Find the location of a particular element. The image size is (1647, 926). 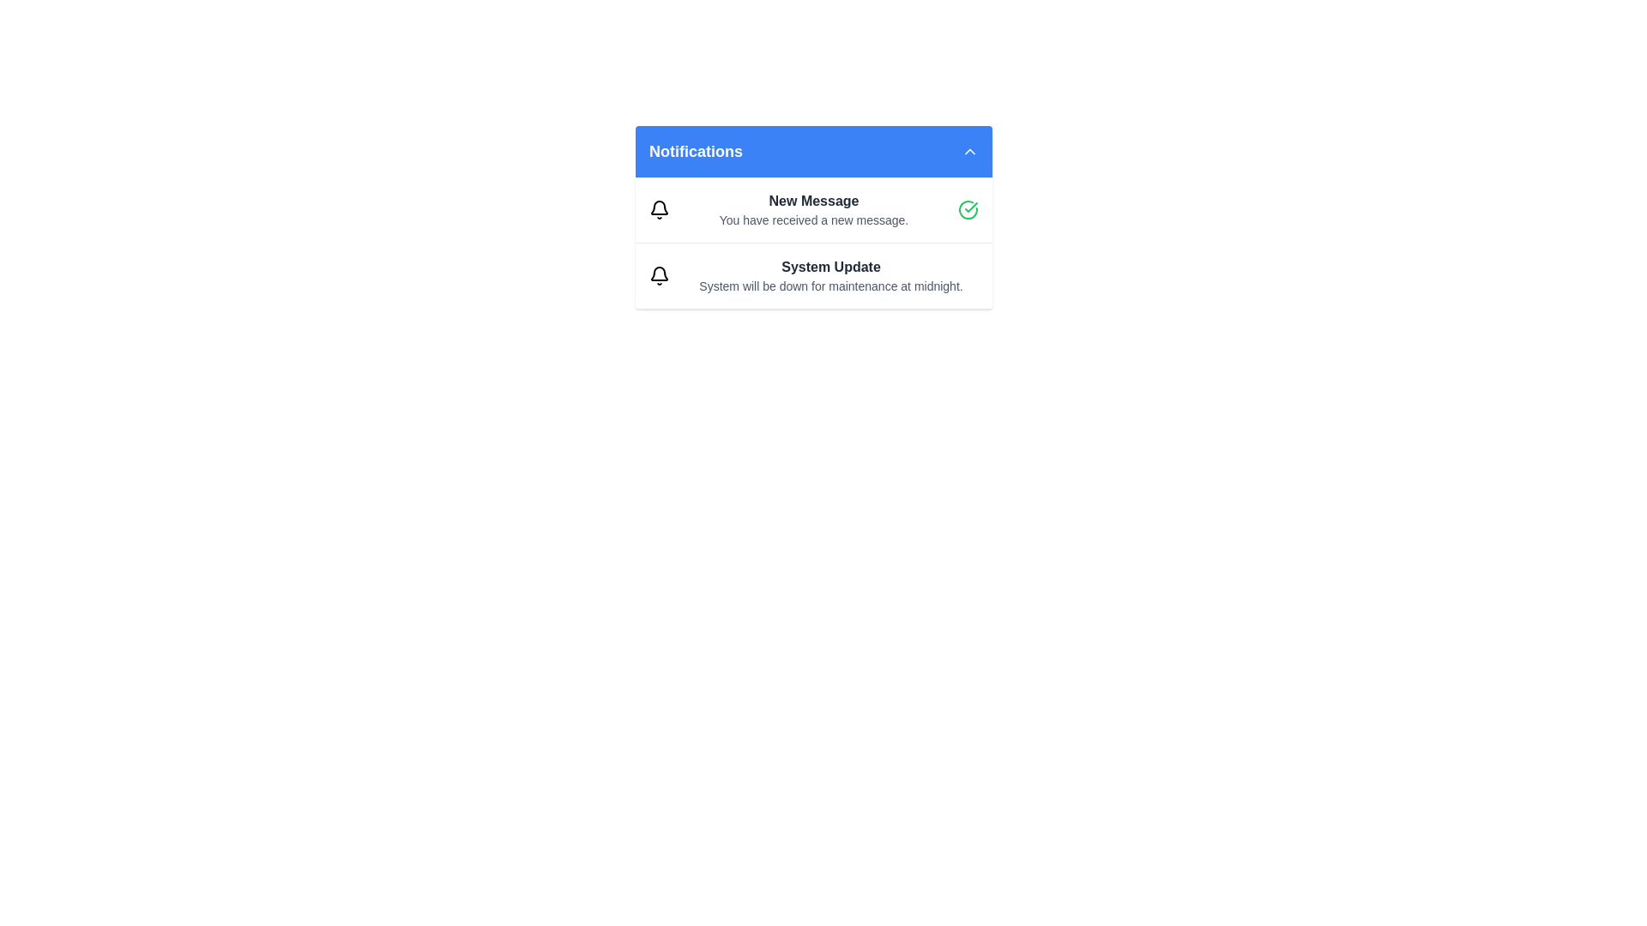

the second notification block that displays a system update message, located below the 'New Message' item in the Notifications list is located at coordinates (813, 274).